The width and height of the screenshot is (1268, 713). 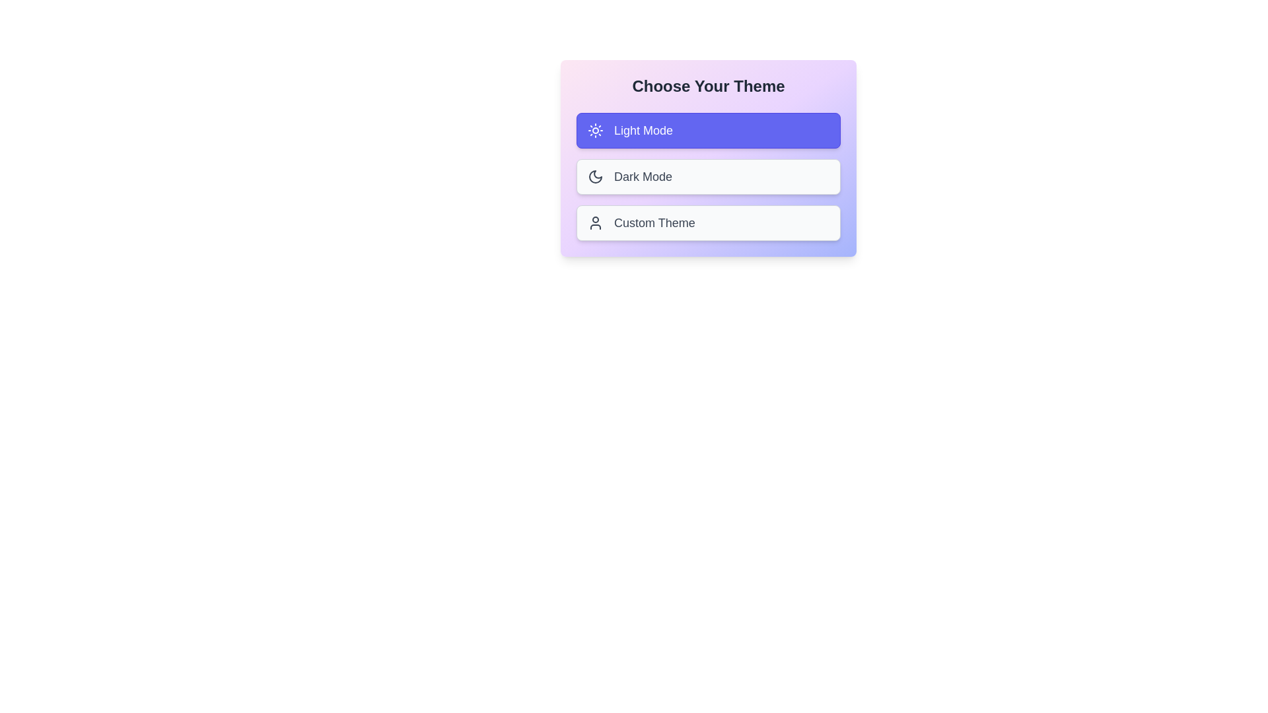 I want to click on the theme card labeled Dark Mode, so click(x=708, y=176).